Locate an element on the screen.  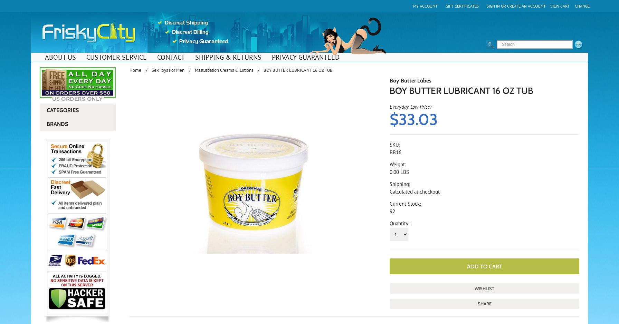
'Current Stock:' is located at coordinates (405, 204).